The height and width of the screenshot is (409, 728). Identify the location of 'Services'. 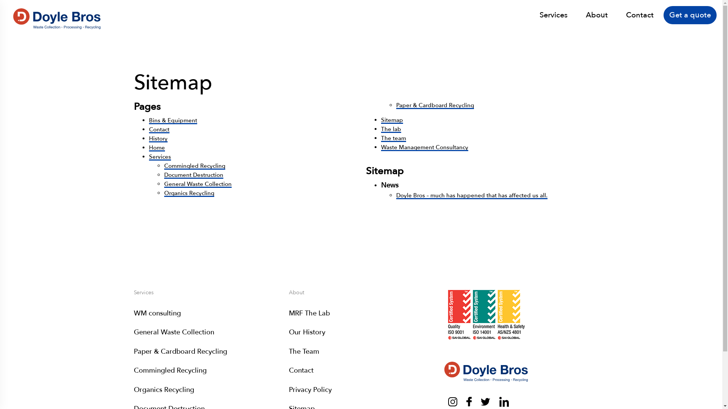
(553, 15).